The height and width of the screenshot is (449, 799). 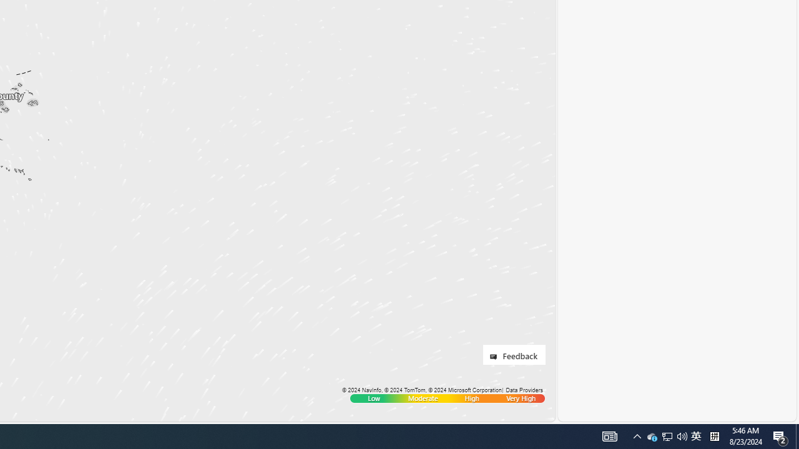 I want to click on 'Data Providers', so click(x=524, y=389).